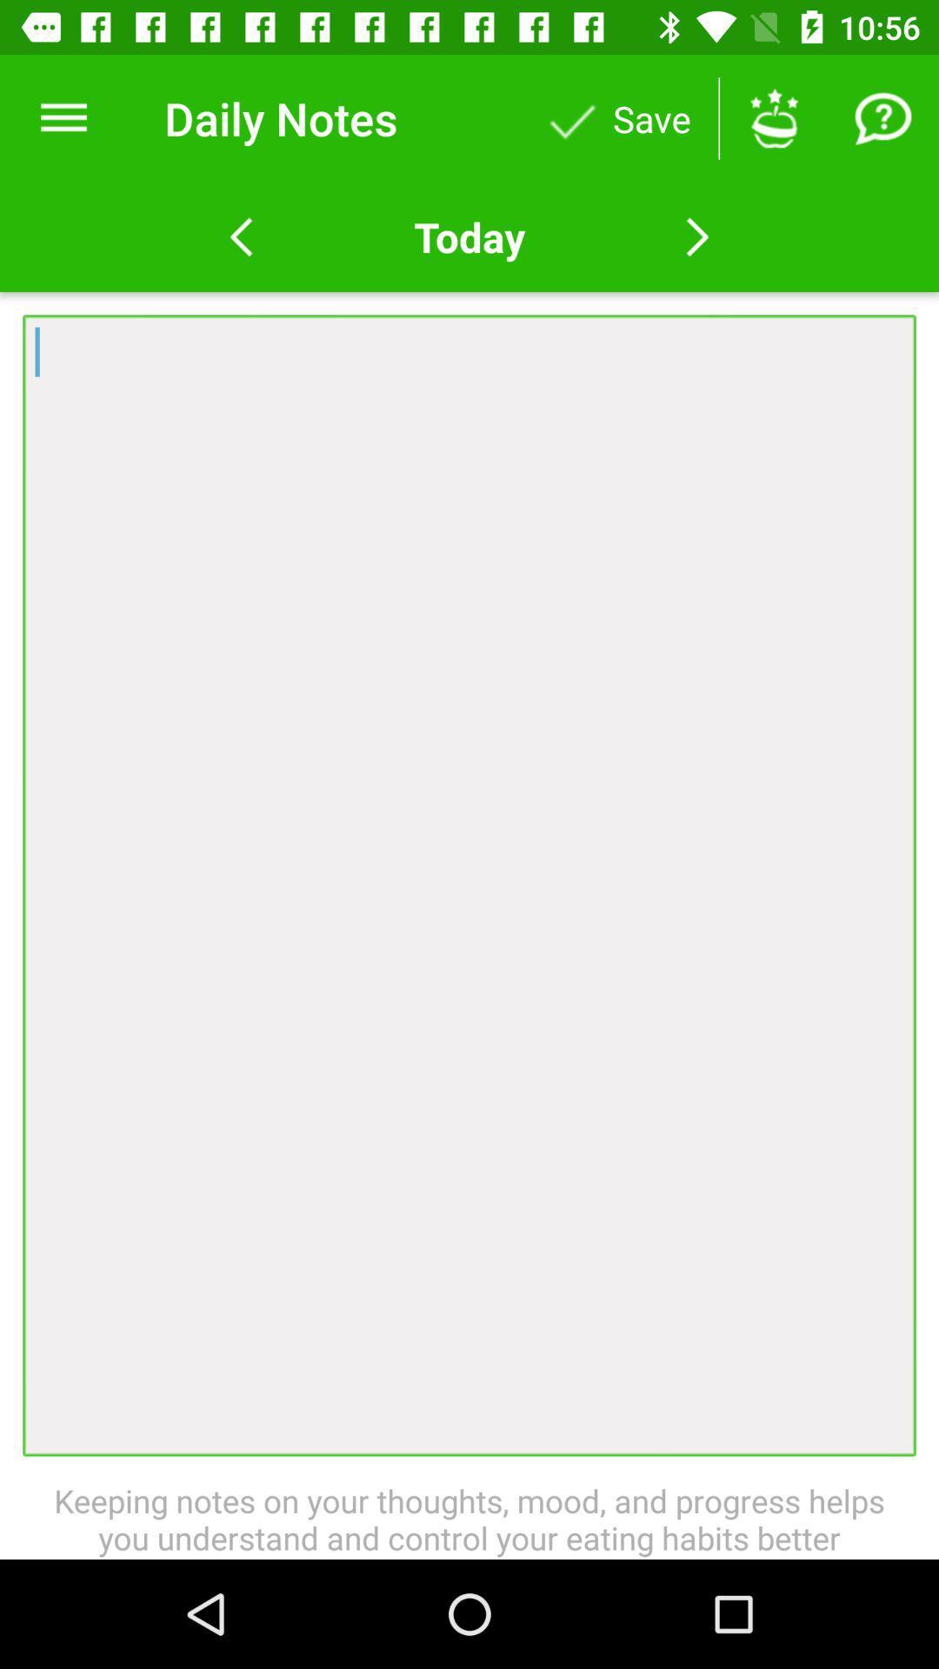 This screenshot has width=939, height=1669. I want to click on tomorrow, so click(696, 236).